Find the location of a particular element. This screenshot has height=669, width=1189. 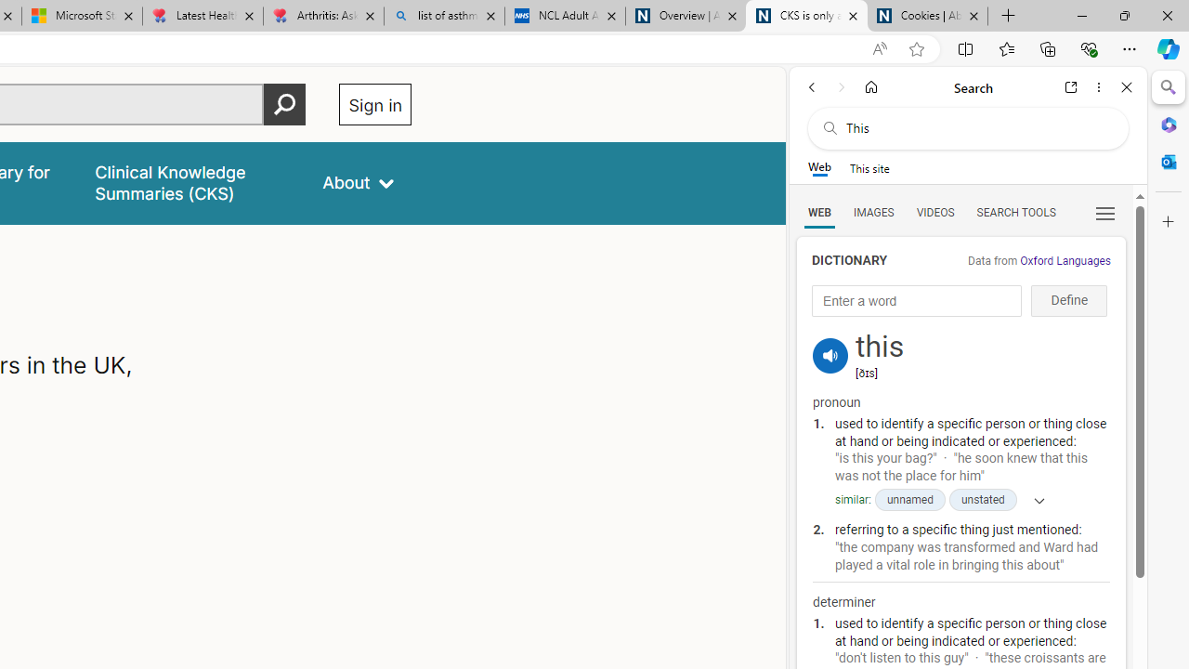

'CKS is only available in the UK | NICE' is located at coordinates (806, 16).